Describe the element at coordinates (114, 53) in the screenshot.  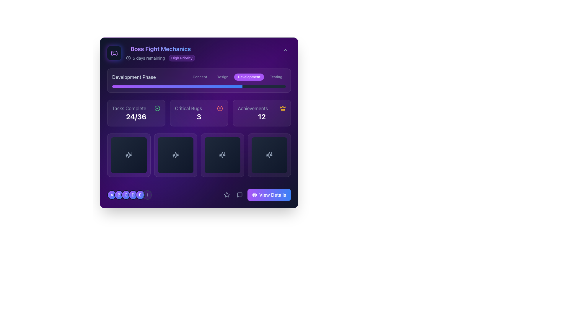
I see `the stylized game controller icon located in the upper left corner of the interface, adjacent` at that location.